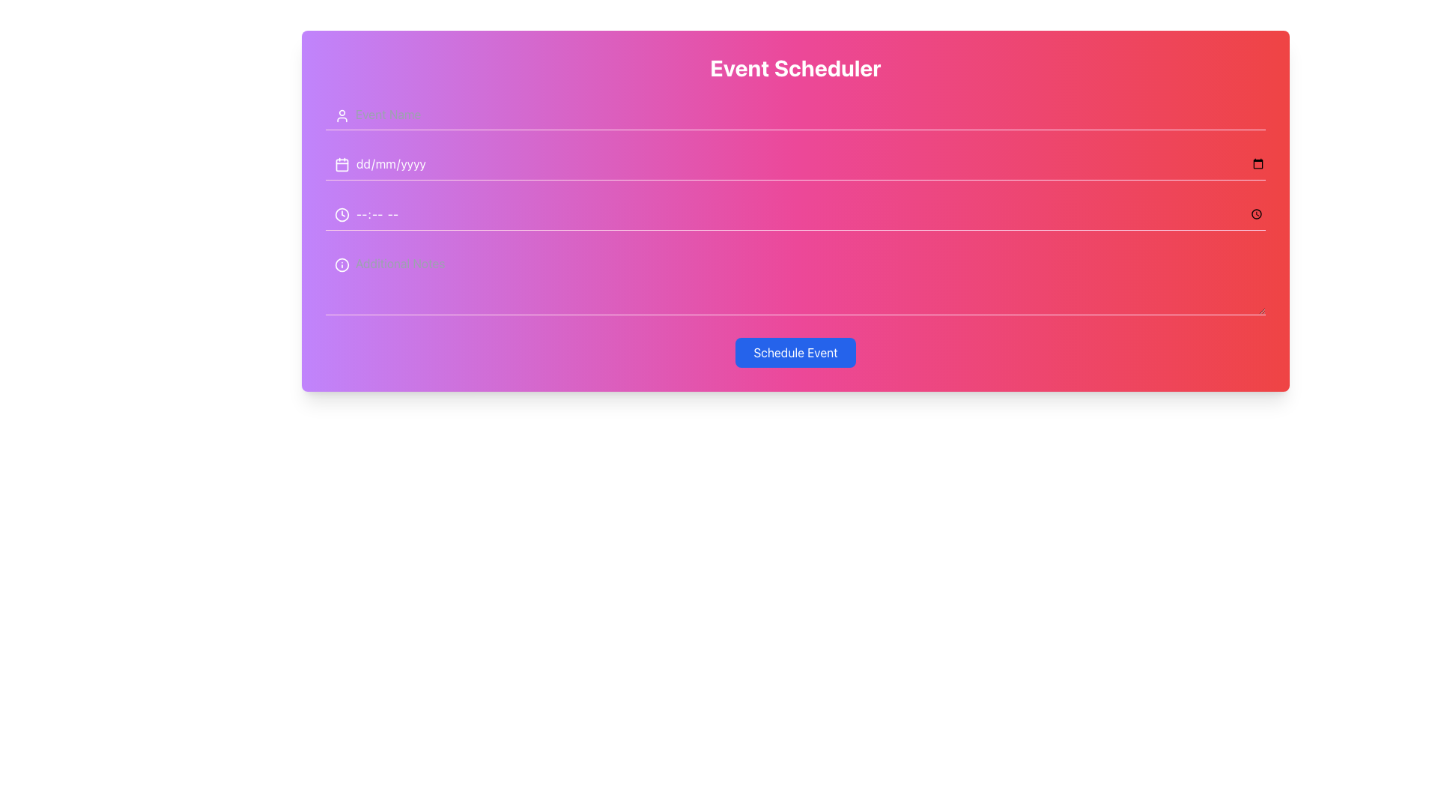  What do you see at coordinates (795, 214) in the screenshot?
I see `to focus on the third input field for specifying the time of the event, located below 'Event Name' and 'Date'` at bounding box center [795, 214].